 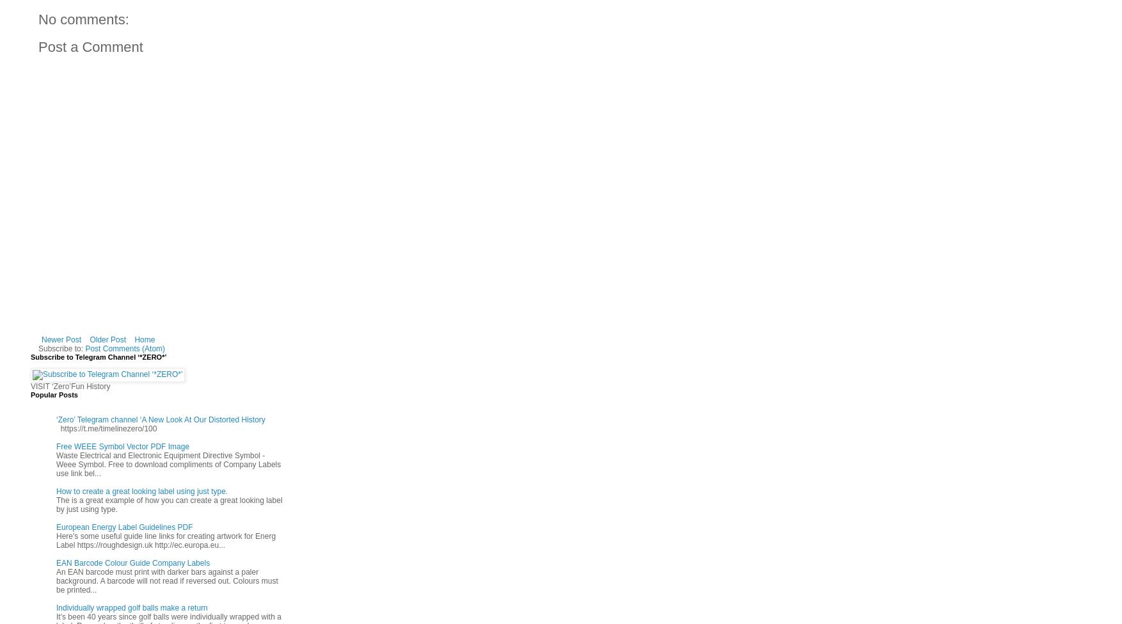 I want to click on 'Individually wrapped golf balls make a return', so click(x=56, y=606).